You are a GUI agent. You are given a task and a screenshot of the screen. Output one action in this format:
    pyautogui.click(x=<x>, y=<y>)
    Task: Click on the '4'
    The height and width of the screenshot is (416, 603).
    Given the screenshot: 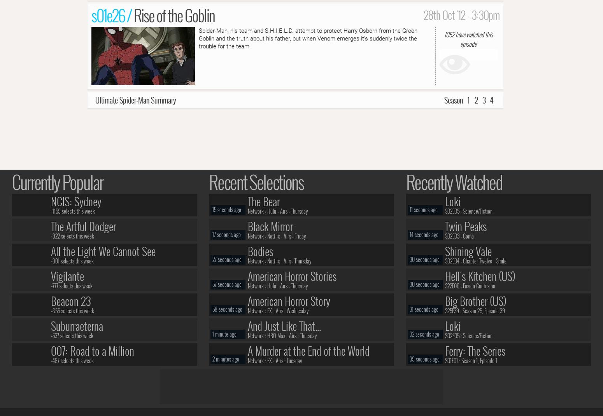 What is the action you would take?
    pyautogui.click(x=491, y=99)
    